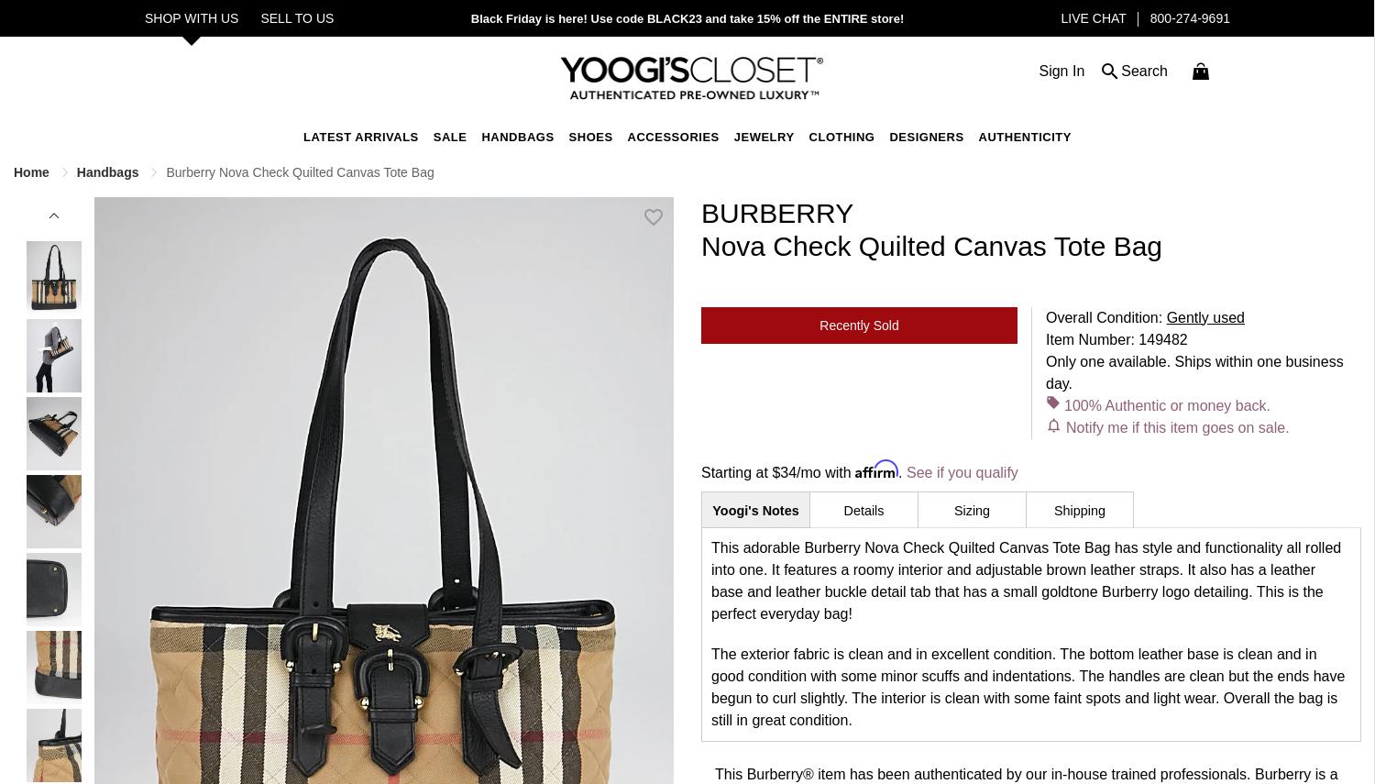 The width and height of the screenshot is (1375, 784). I want to click on 'home', so click(33, 170).